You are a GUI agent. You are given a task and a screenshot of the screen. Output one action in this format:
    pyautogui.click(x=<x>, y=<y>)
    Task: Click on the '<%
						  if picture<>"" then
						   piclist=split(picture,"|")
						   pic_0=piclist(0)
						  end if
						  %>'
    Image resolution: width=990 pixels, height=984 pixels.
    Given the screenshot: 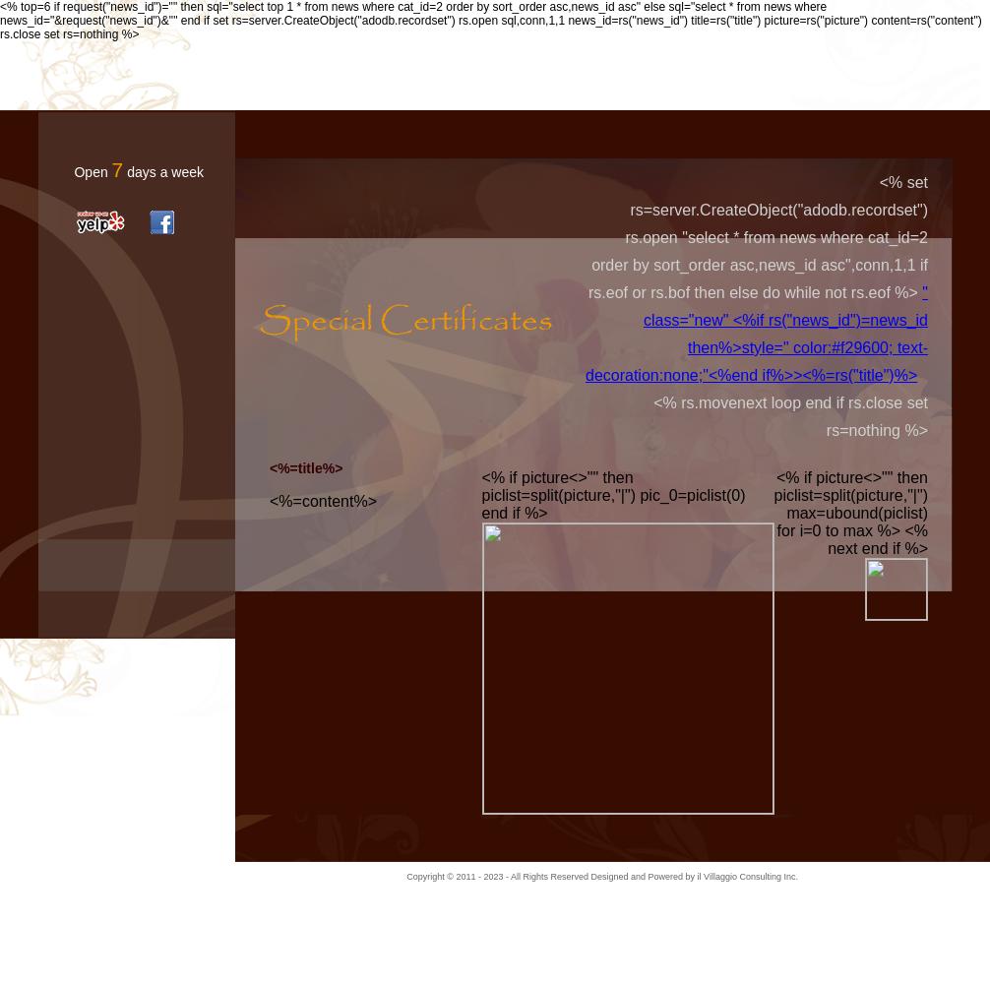 What is the action you would take?
    pyautogui.click(x=613, y=495)
    